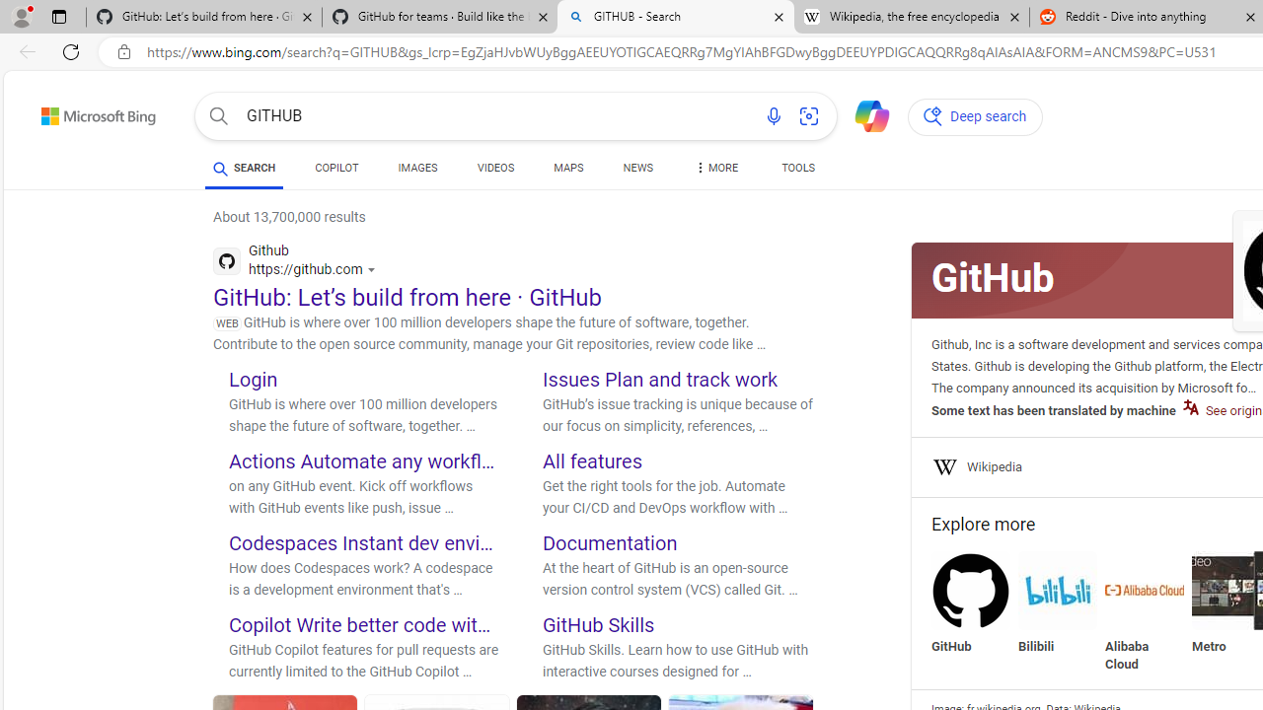 This screenshot has height=710, width=1263. What do you see at coordinates (598, 624) in the screenshot?
I see `'GitHub Skills'` at bounding box center [598, 624].